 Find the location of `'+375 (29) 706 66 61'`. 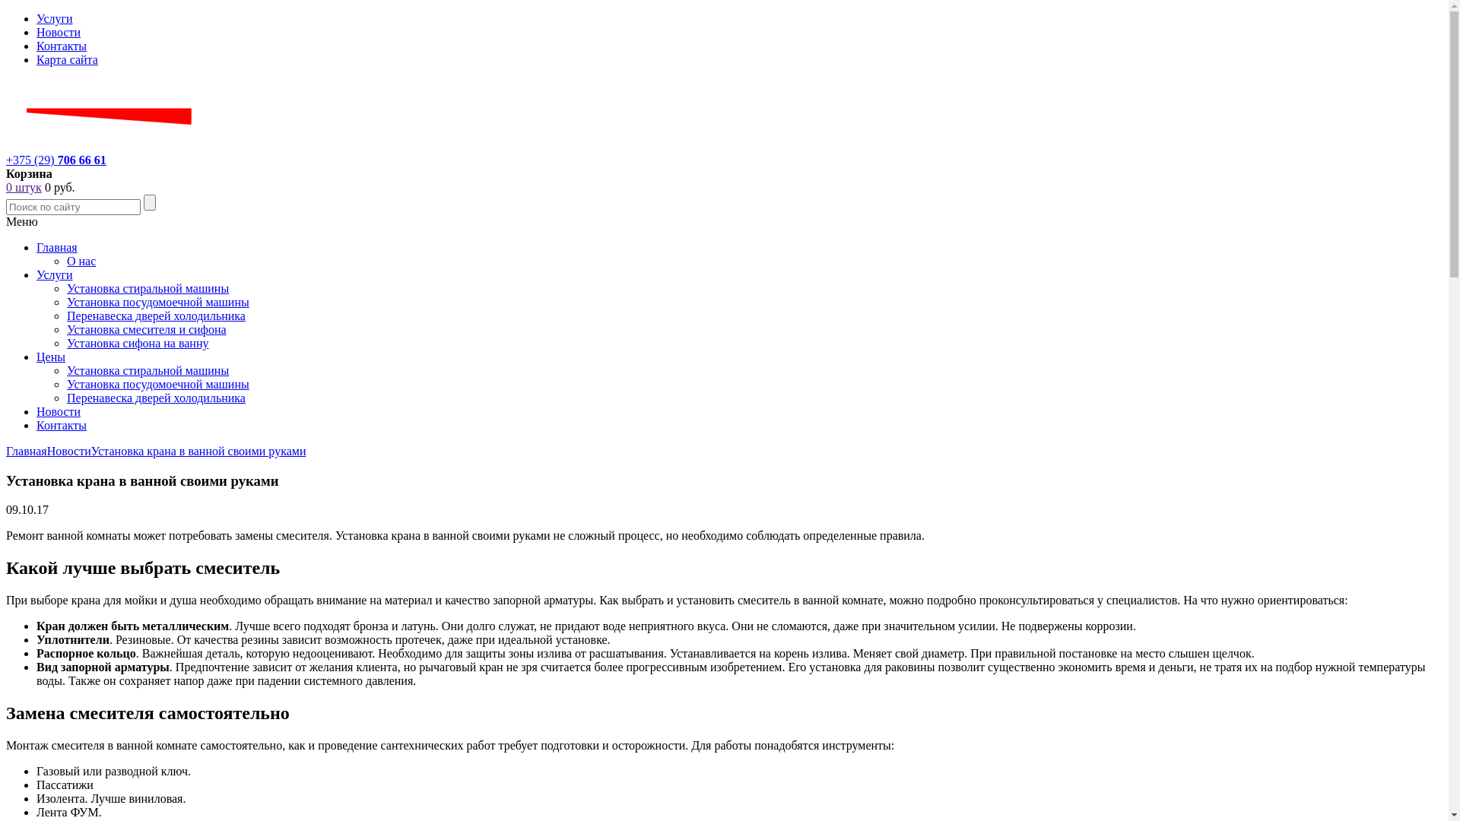

'+375 (29) 706 66 61' is located at coordinates (6, 160).